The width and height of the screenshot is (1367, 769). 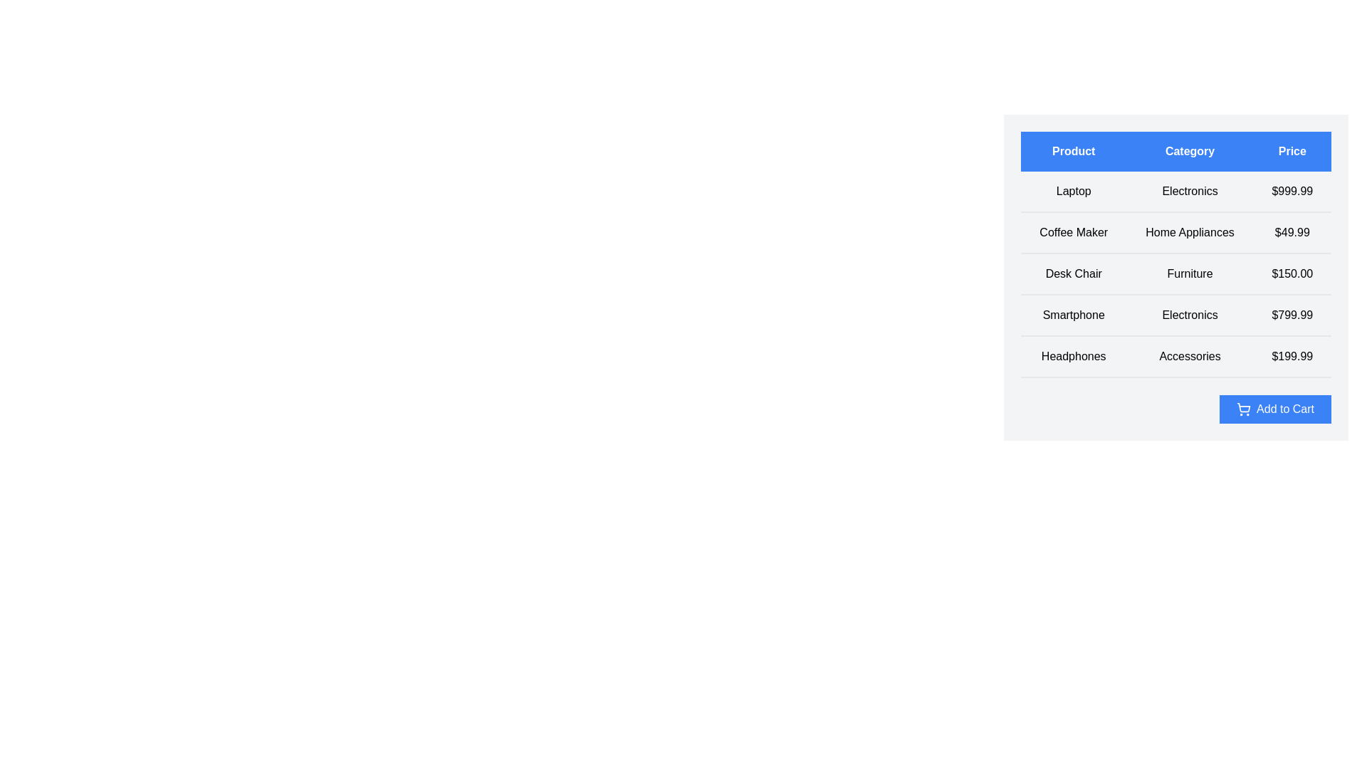 What do you see at coordinates (1074, 315) in the screenshot?
I see `text displayed in the Text label that contains 'Smartphone', which is located in the leftmost column of the fourth row of a grid displaying products` at bounding box center [1074, 315].